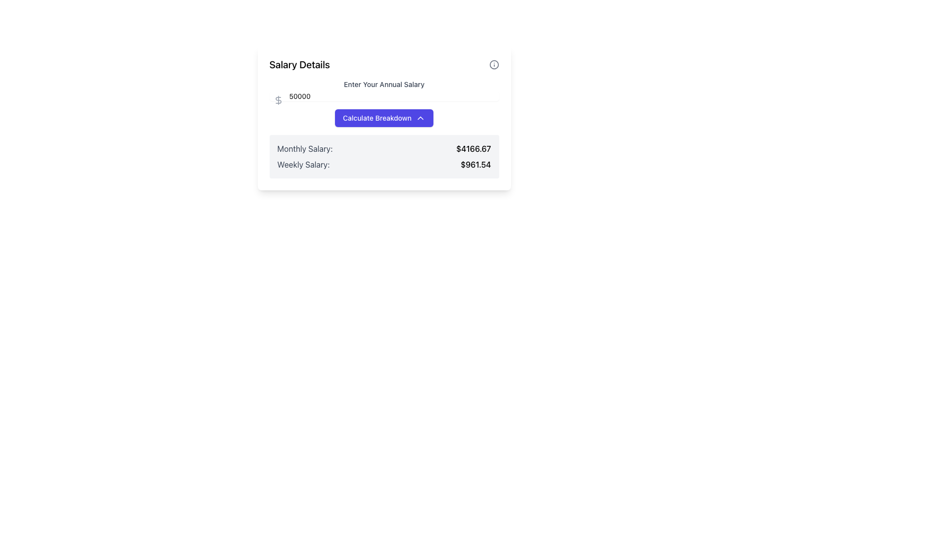 The height and width of the screenshot is (534, 950). Describe the element at coordinates (494, 65) in the screenshot. I see `the circular 'Info' icon in the header section labeled 'Salary Details'` at that location.